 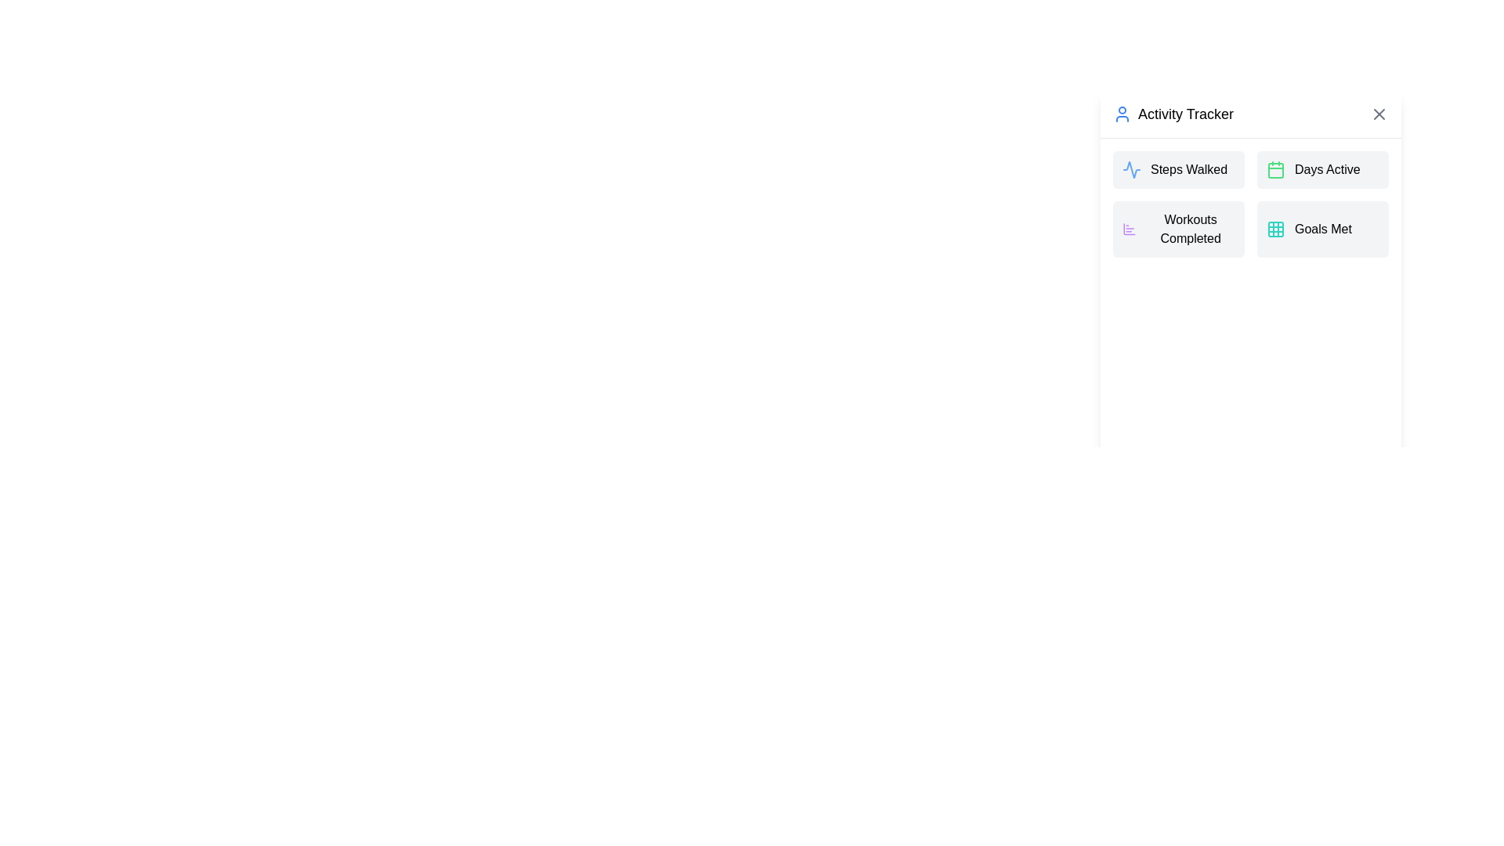 What do you see at coordinates (1275, 169) in the screenshot?
I see `the calendar icon located to the left of the 'Days Active' text in the Activity Tracker section` at bounding box center [1275, 169].